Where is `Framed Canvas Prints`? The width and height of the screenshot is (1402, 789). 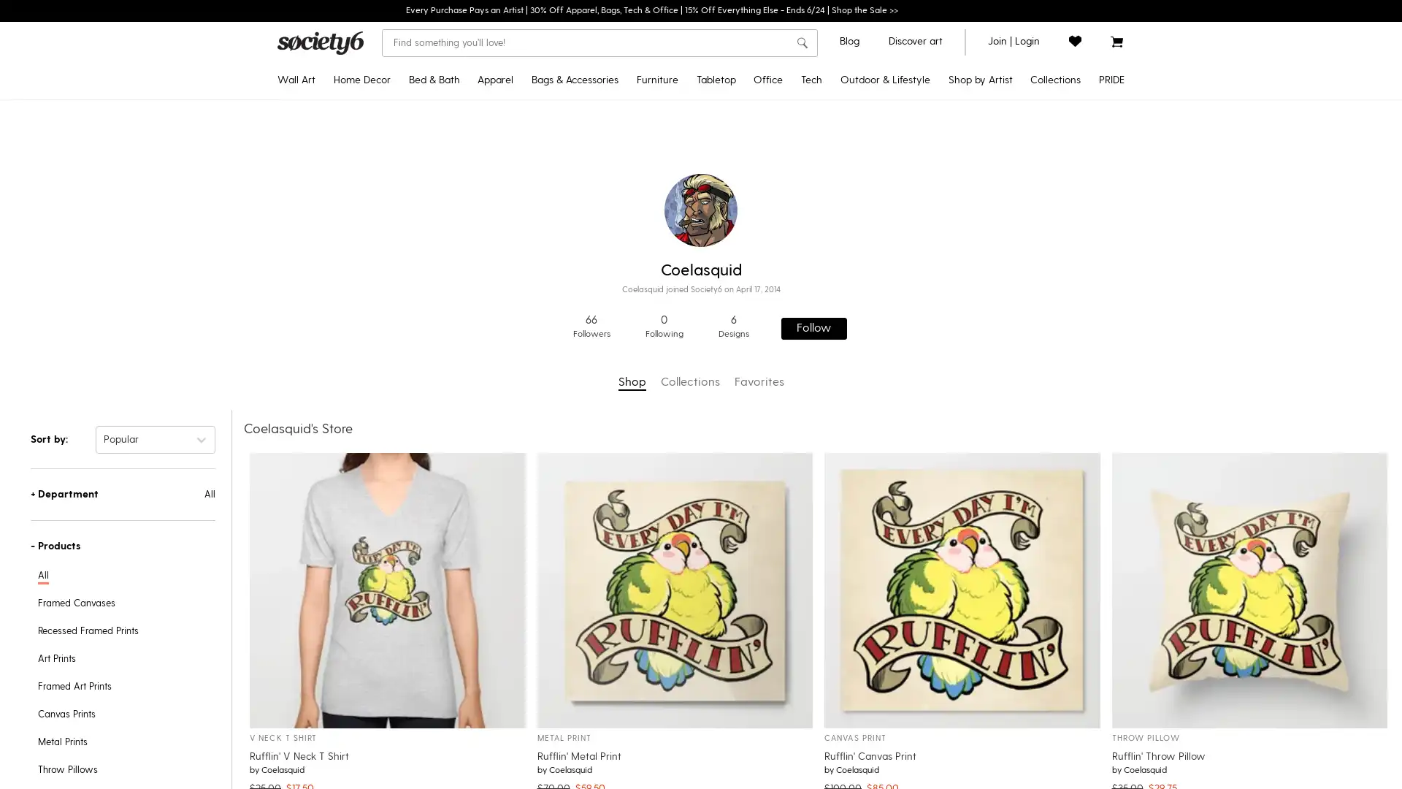
Framed Canvas Prints is located at coordinates (343, 211).